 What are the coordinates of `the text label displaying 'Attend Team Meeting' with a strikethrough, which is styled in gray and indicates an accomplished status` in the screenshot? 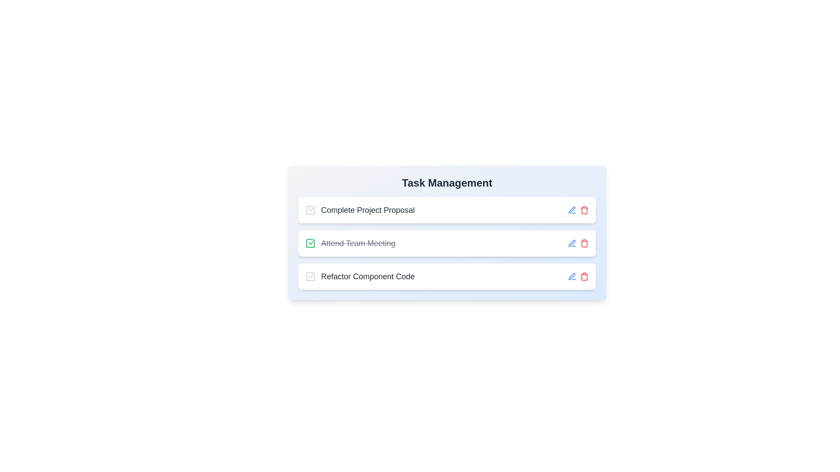 It's located at (350, 243).